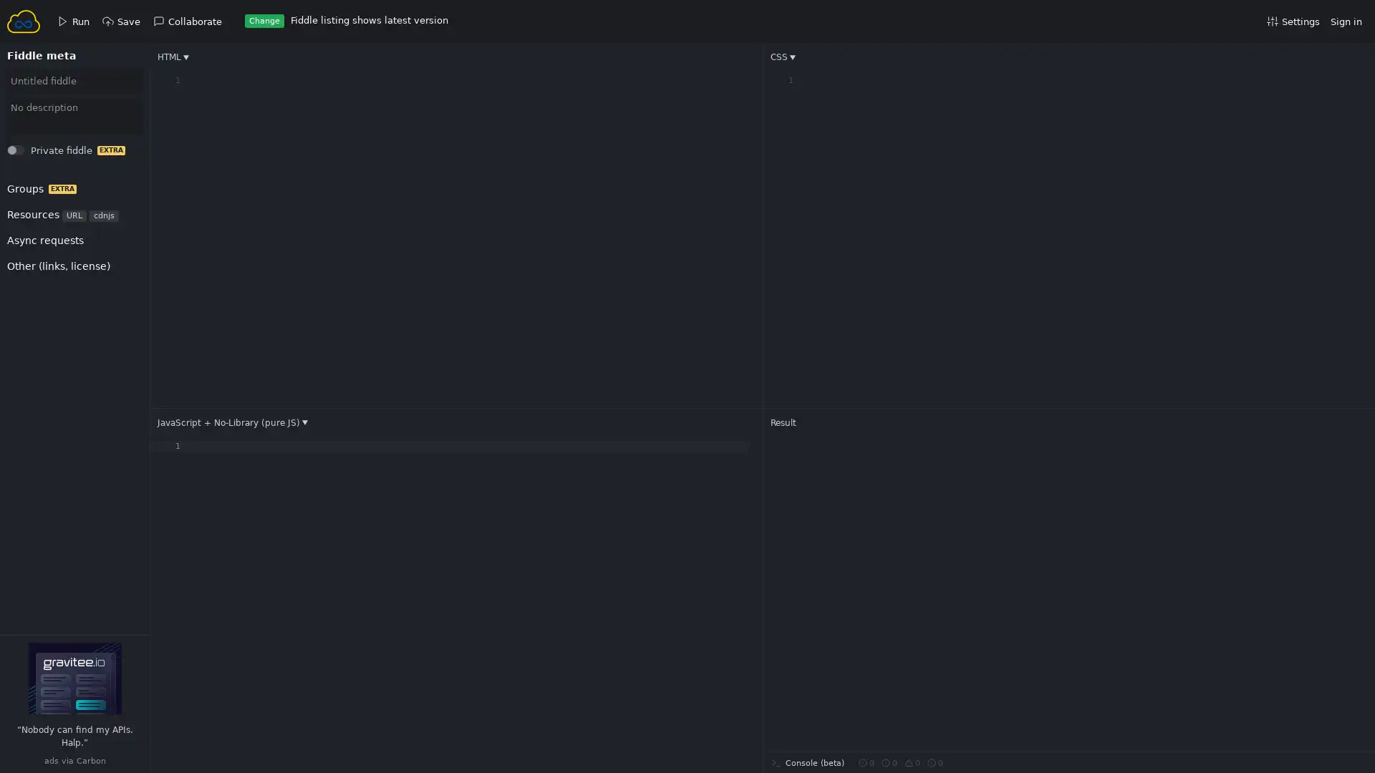 Image resolution: width=1375 pixels, height=773 pixels. Describe the element at coordinates (30, 154) in the screenshot. I see `Save` at that location.